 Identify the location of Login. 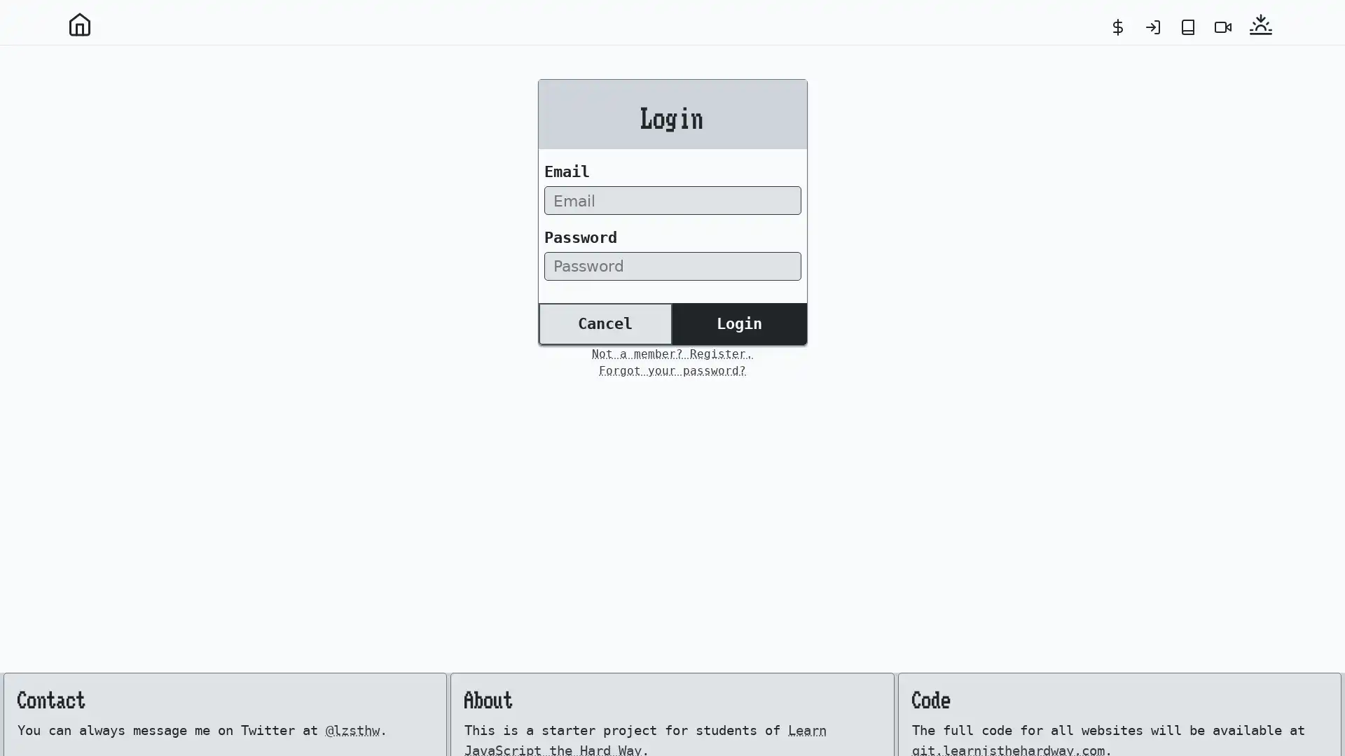
(738, 323).